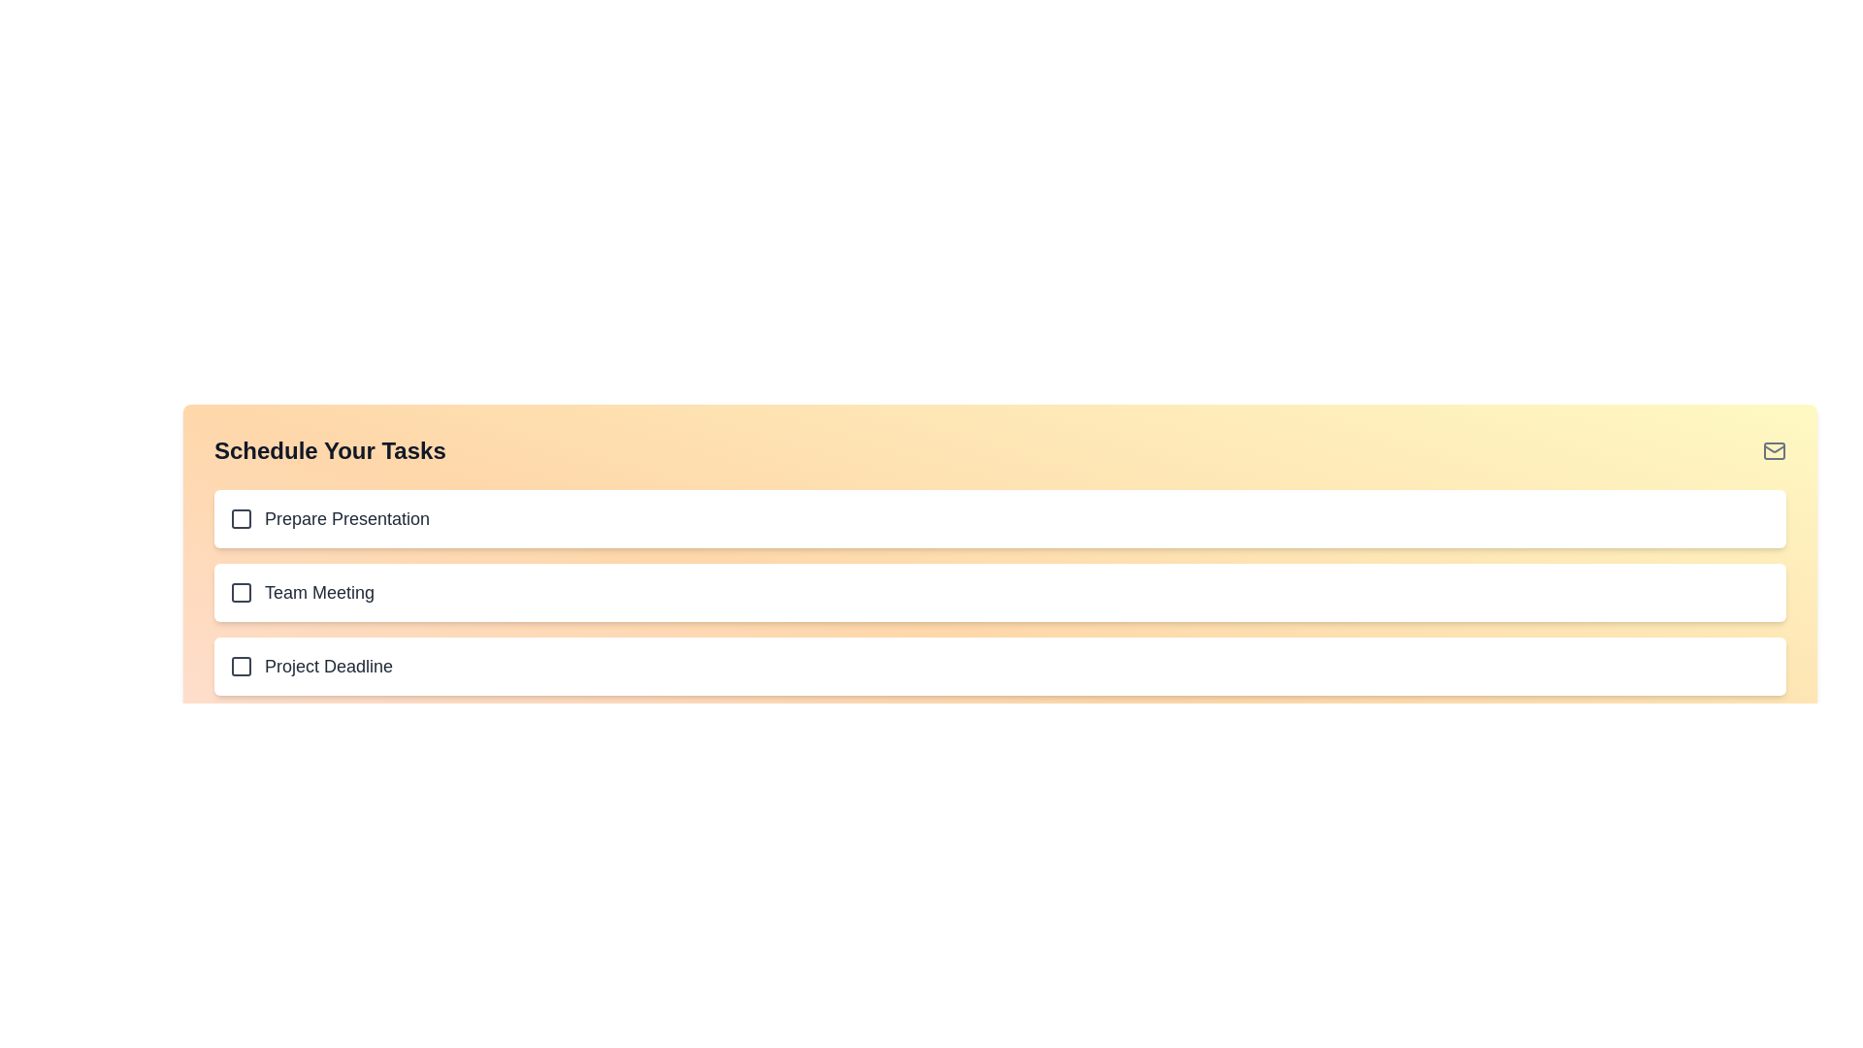 This screenshot has height=1048, width=1863. I want to click on the checkbox associated with the 'Project Deadline' task, so click(241, 665).